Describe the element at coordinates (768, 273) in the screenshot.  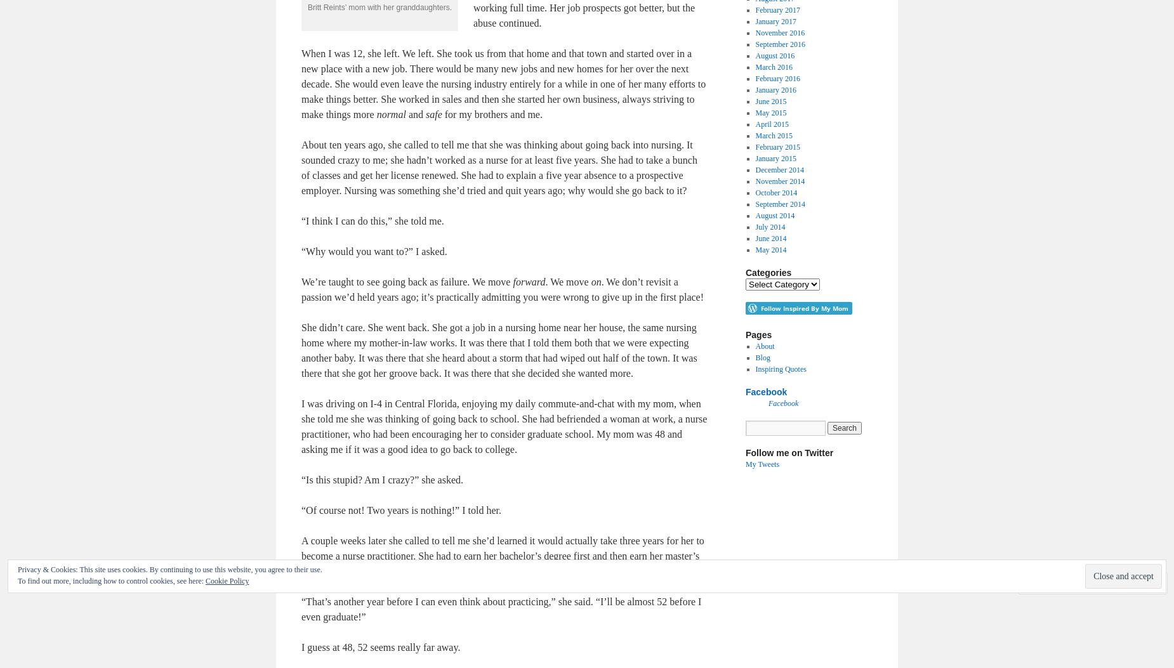
I see `'Categories'` at that location.